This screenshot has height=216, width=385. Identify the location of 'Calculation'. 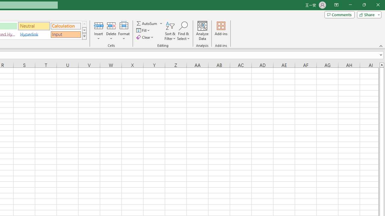
(66, 25).